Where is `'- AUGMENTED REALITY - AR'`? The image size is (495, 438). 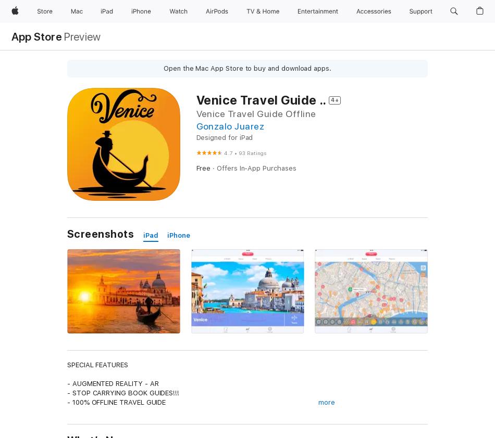
'- AUGMENTED REALITY - AR' is located at coordinates (113, 383).